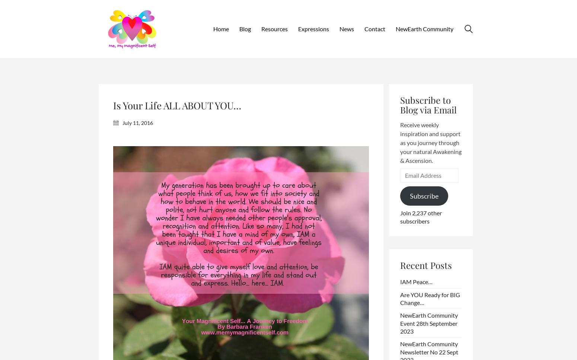 This screenshot has width=577, height=360. What do you see at coordinates (177, 105) in the screenshot?
I see `'Is Your Life ALL ABOUT YOU…'` at bounding box center [177, 105].